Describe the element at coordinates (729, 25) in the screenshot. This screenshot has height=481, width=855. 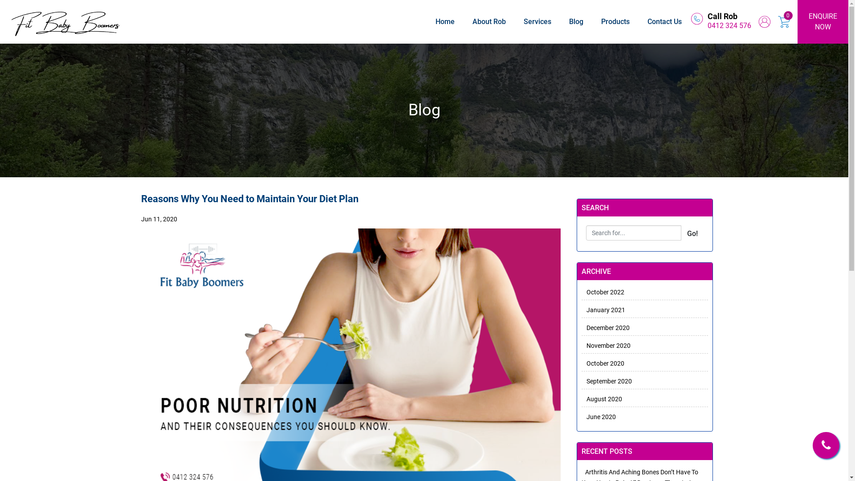
I see `'0412 324 576'` at that location.